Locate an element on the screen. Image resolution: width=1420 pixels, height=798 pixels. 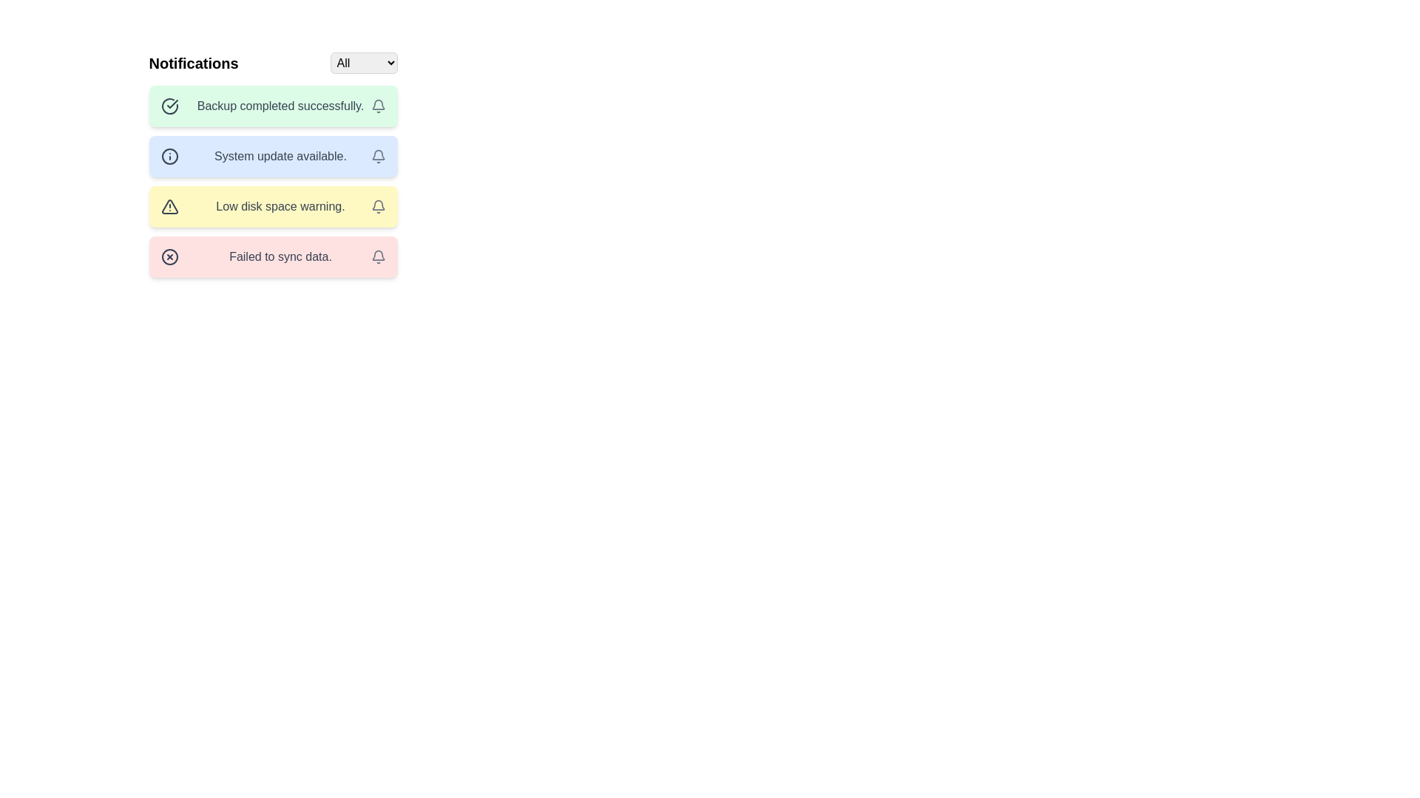
message displayed in the Text Display Field that conveys 'Backup completed successfully.' is located at coordinates (280, 105).